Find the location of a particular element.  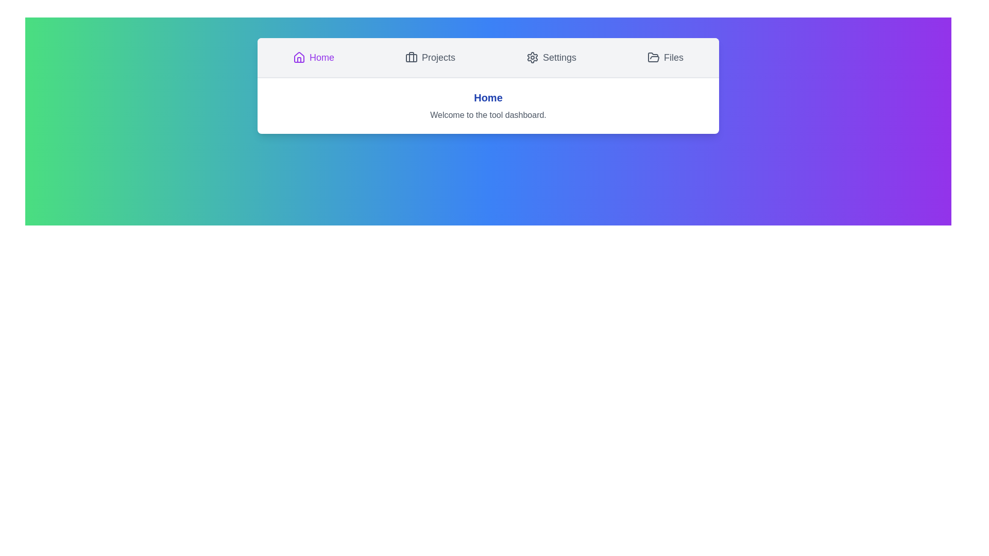

the Projects button to observe its hover effect is located at coordinates (430, 57).